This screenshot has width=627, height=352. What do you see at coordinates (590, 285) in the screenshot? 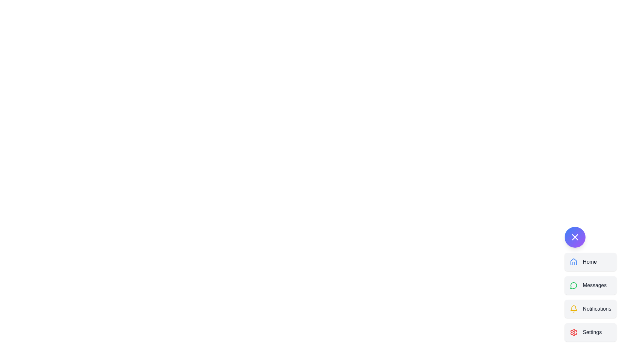
I see `the second navigation button located between the 'Home' and 'Notifications' buttons` at bounding box center [590, 285].